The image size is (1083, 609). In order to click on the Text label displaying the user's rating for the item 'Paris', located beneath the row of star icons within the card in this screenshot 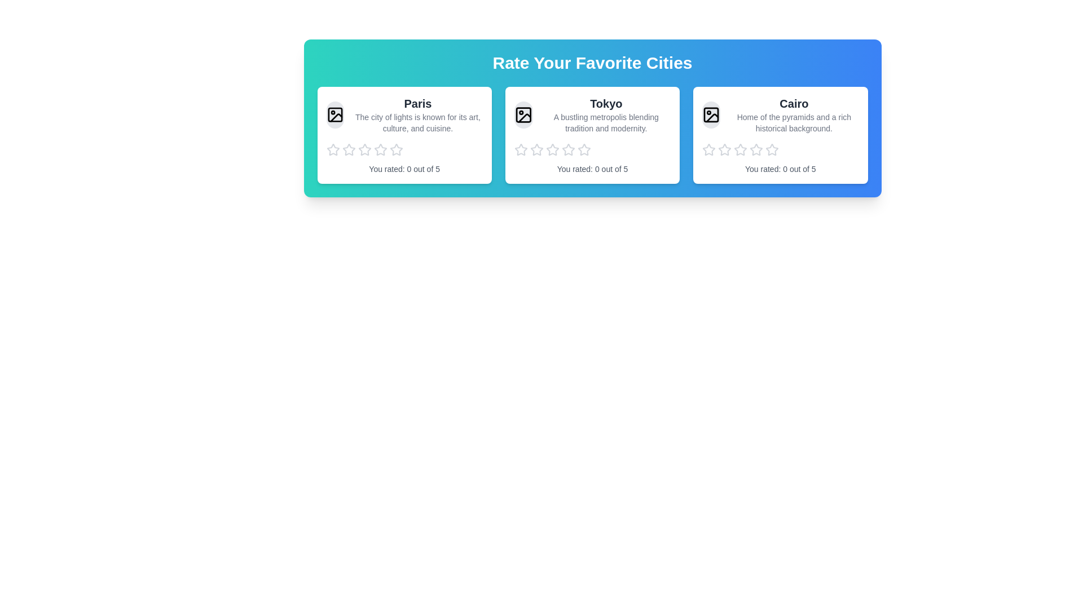, I will do `click(404, 169)`.